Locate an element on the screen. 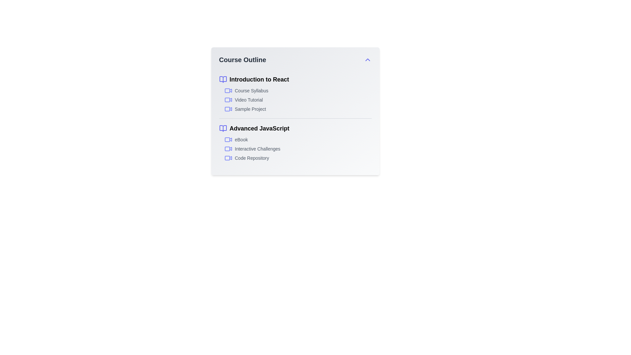 This screenshot has width=631, height=355. the chevron button to toggle the course outline's expanded state is located at coordinates (367, 59).